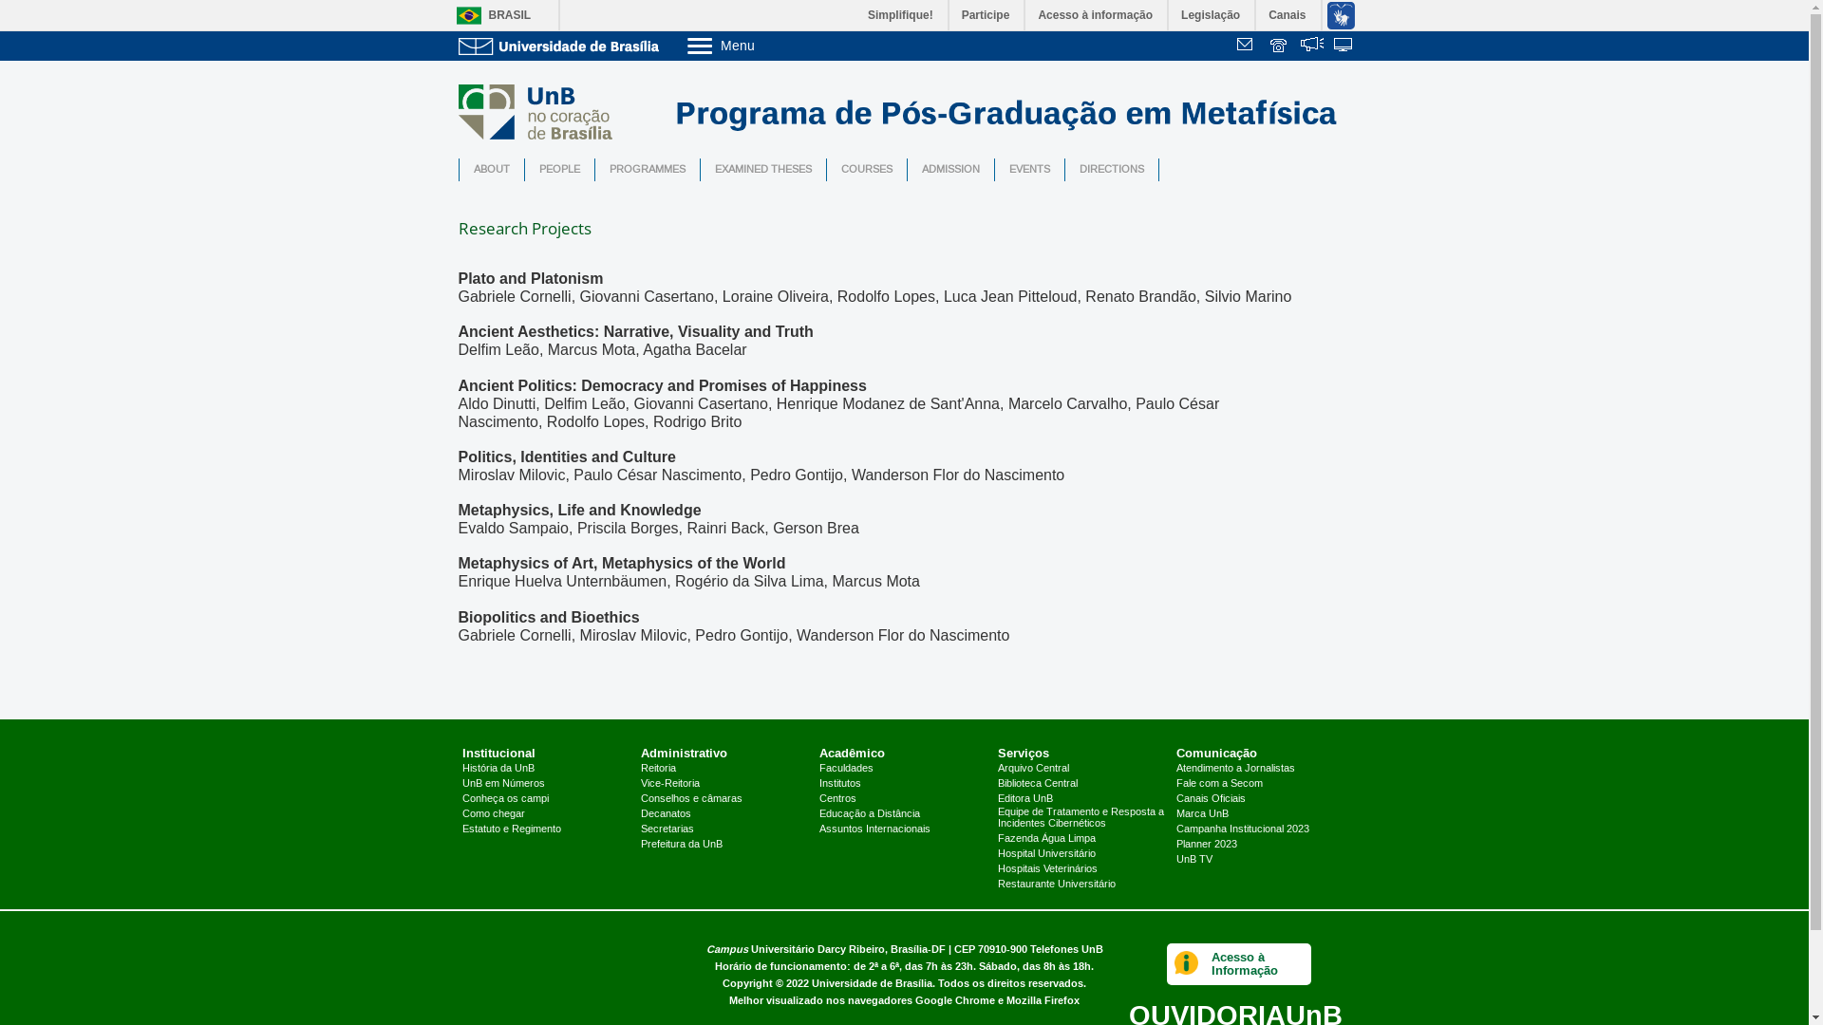 This screenshot has height=1025, width=1823. What do you see at coordinates (1032, 769) in the screenshot?
I see `'Arquivo Central'` at bounding box center [1032, 769].